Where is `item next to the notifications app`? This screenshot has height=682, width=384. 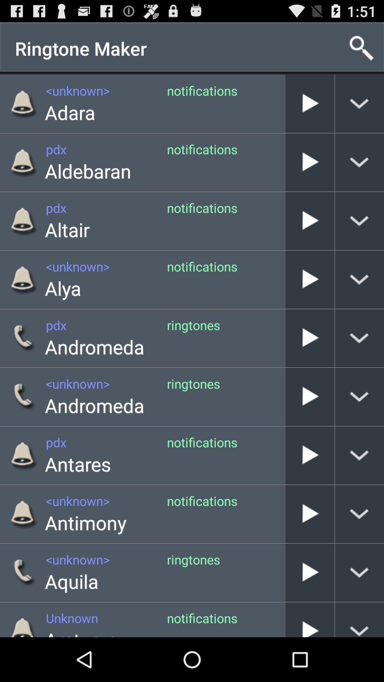 item next to the notifications app is located at coordinates (87, 171).